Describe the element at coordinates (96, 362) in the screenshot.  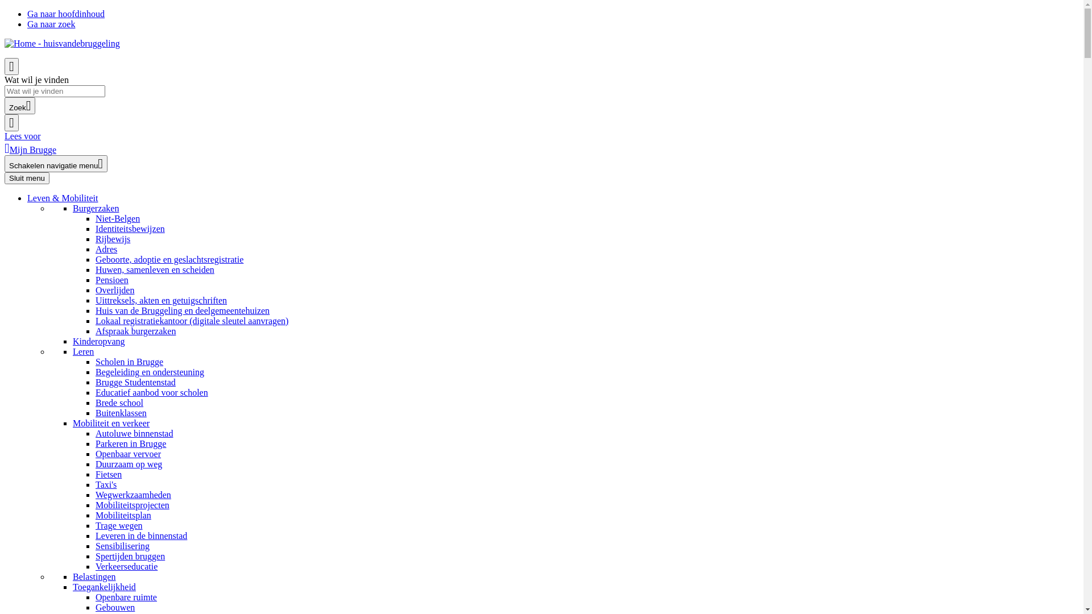
I see `'Scholen in Brugge'` at that location.